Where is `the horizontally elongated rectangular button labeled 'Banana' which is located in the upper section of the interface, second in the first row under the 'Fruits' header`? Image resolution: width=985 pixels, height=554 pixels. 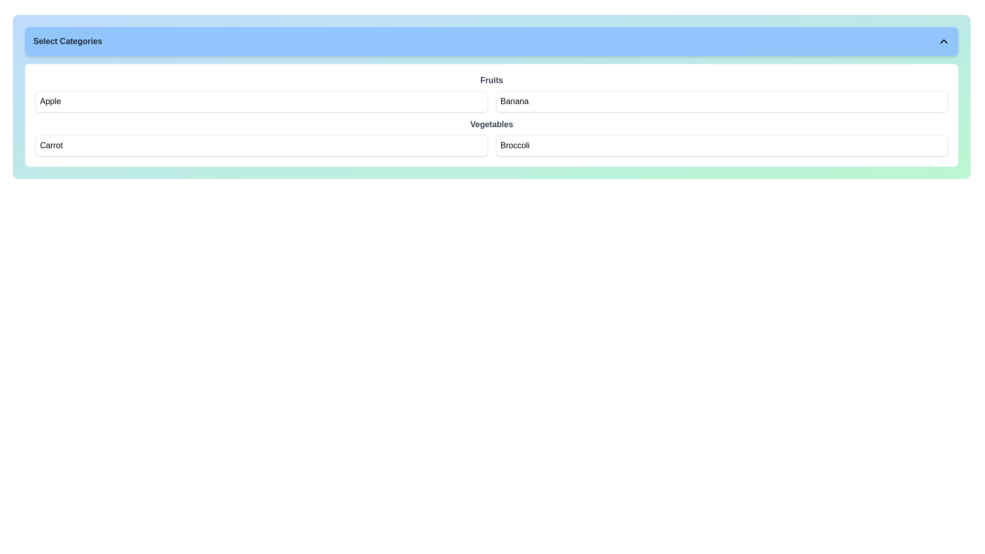
the horizontally elongated rectangular button labeled 'Banana' which is located in the upper section of the interface, second in the first row under the 'Fruits' header is located at coordinates (721, 101).